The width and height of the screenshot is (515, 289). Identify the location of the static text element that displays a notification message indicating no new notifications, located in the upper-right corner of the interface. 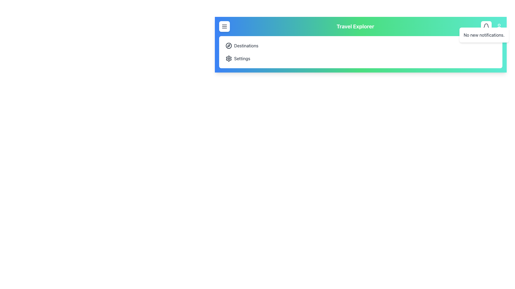
(484, 35).